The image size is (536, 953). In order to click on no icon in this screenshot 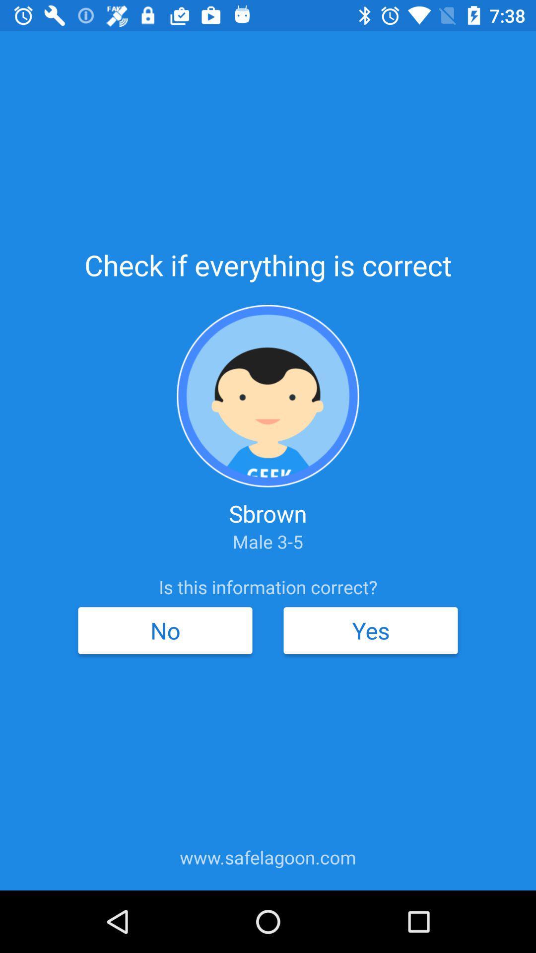, I will do `click(164, 630)`.